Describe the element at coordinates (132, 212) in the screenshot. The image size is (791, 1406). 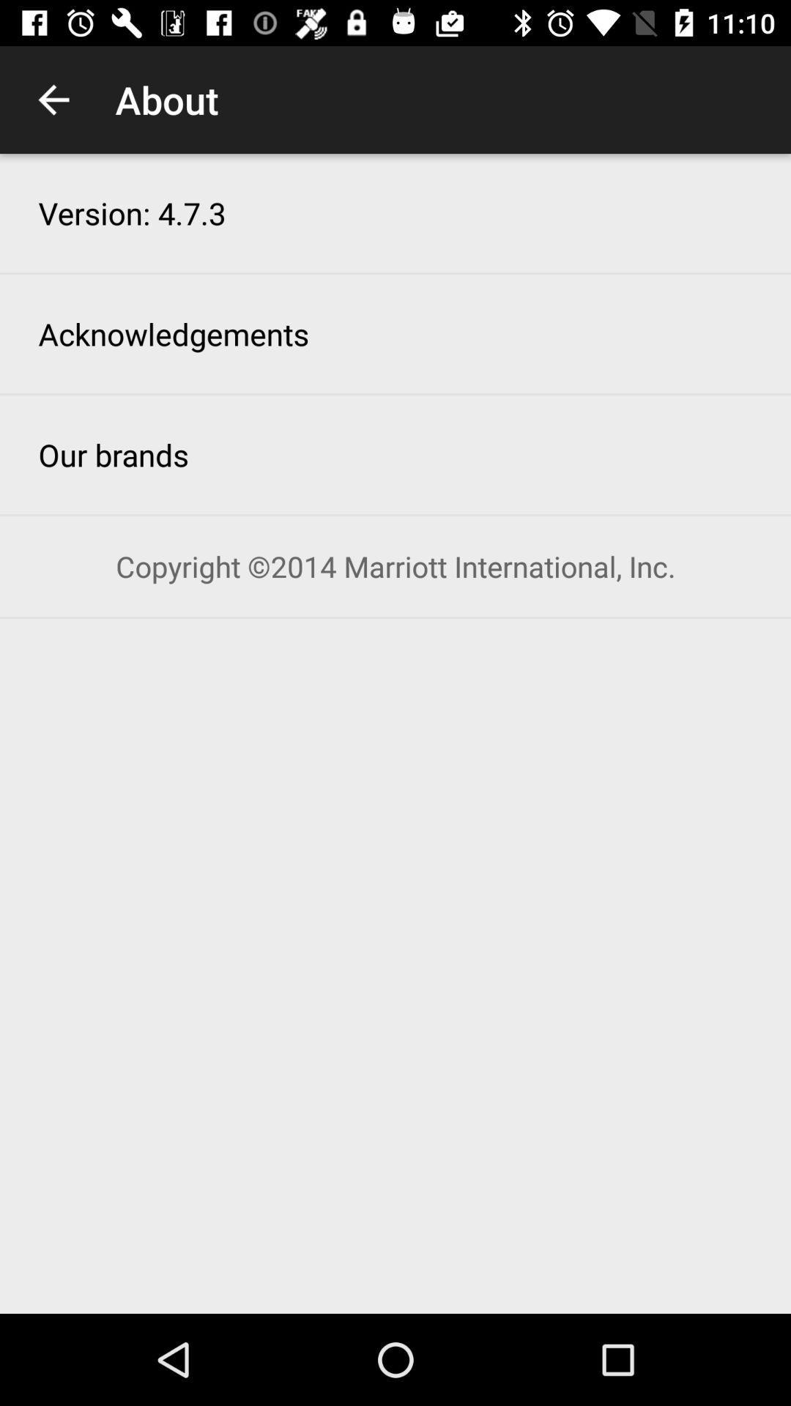
I see `version 4 7 icon` at that location.